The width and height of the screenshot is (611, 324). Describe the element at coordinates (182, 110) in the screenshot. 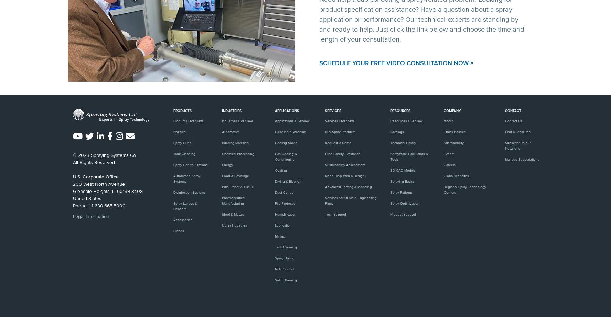

I see `'Products'` at that location.